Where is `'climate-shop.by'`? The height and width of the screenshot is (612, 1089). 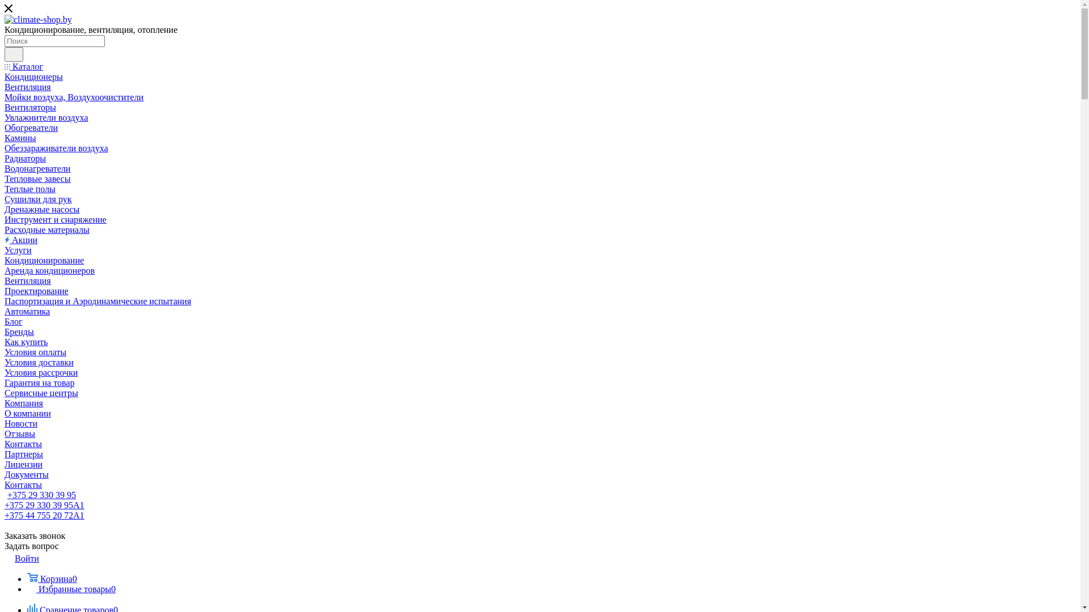 'climate-shop.by' is located at coordinates (38, 19).